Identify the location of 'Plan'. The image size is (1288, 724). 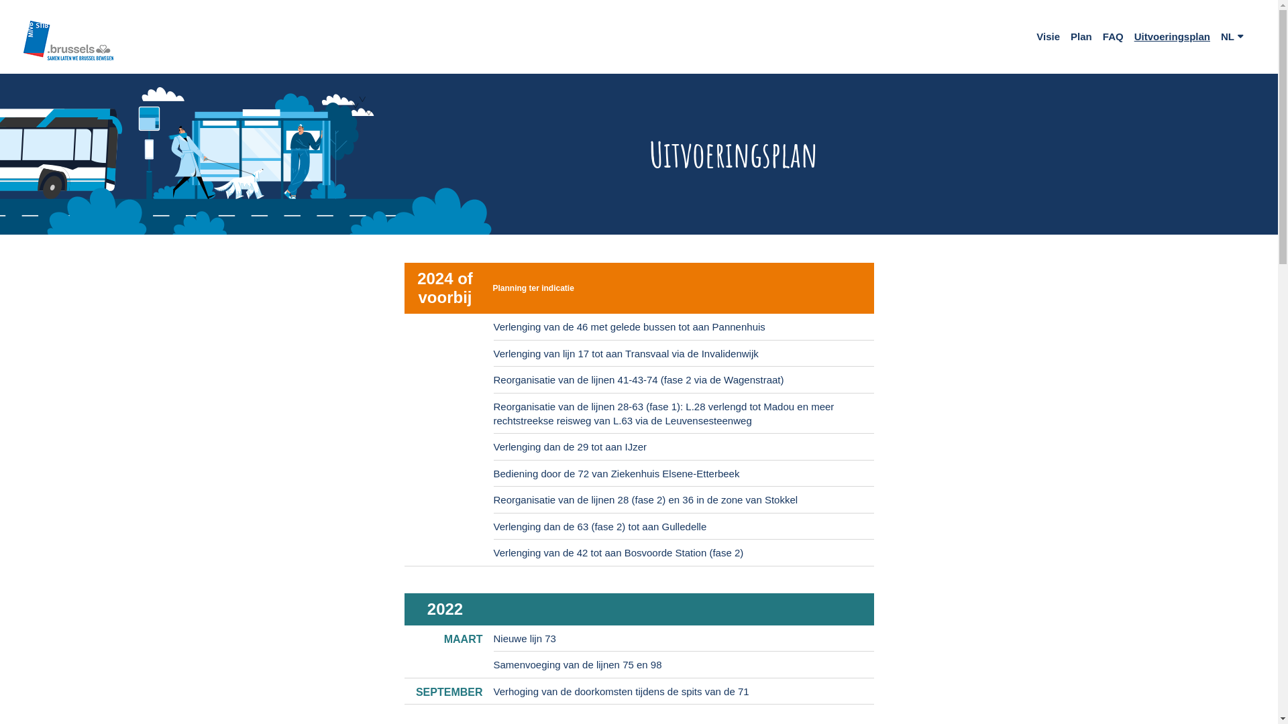
(1081, 36).